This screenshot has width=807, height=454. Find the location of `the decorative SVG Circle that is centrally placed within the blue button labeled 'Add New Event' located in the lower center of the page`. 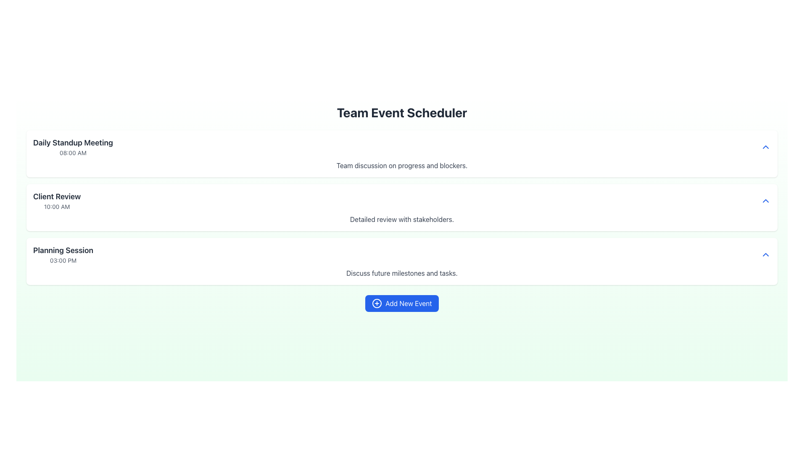

the decorative SVG Circle that is centrally placed within the blue button labeled 'Add New Event' located in the lower center of the page is located at coordinates (377, 303).